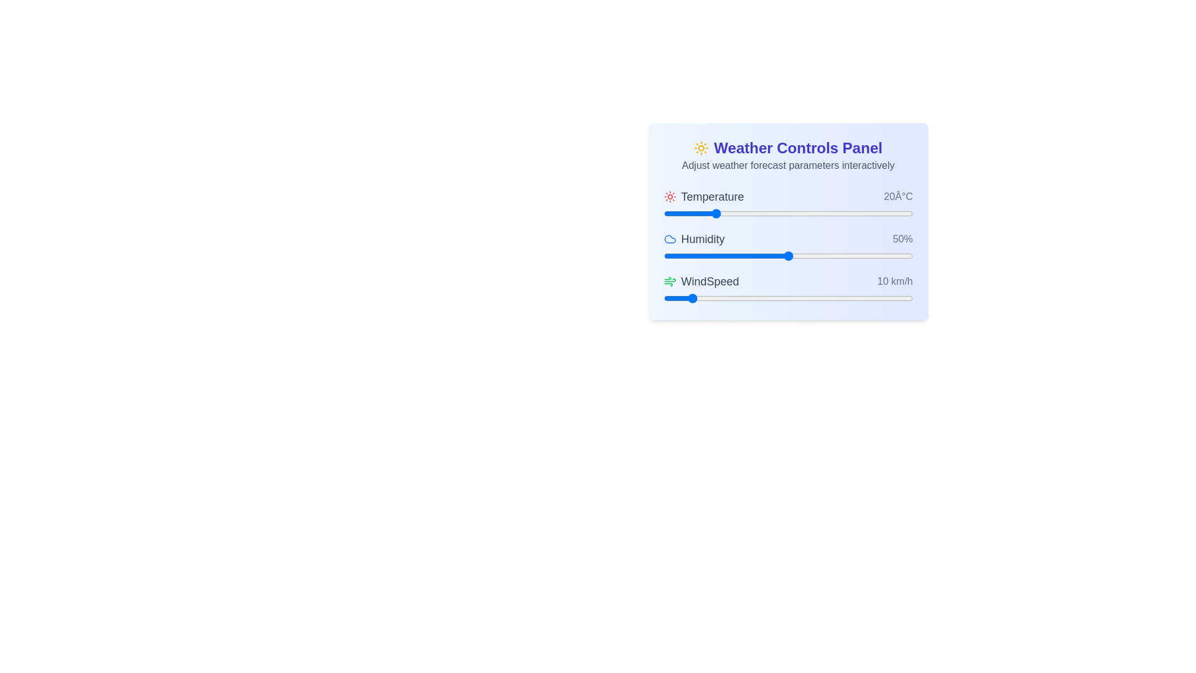 The width and height of the screenshot is (1196, 673). What do you see at coordinates (743, 298) in the screenshot?
I see `the wind speed slider to set the wind speed to 32 km/h` at bounding box center [743, 298].